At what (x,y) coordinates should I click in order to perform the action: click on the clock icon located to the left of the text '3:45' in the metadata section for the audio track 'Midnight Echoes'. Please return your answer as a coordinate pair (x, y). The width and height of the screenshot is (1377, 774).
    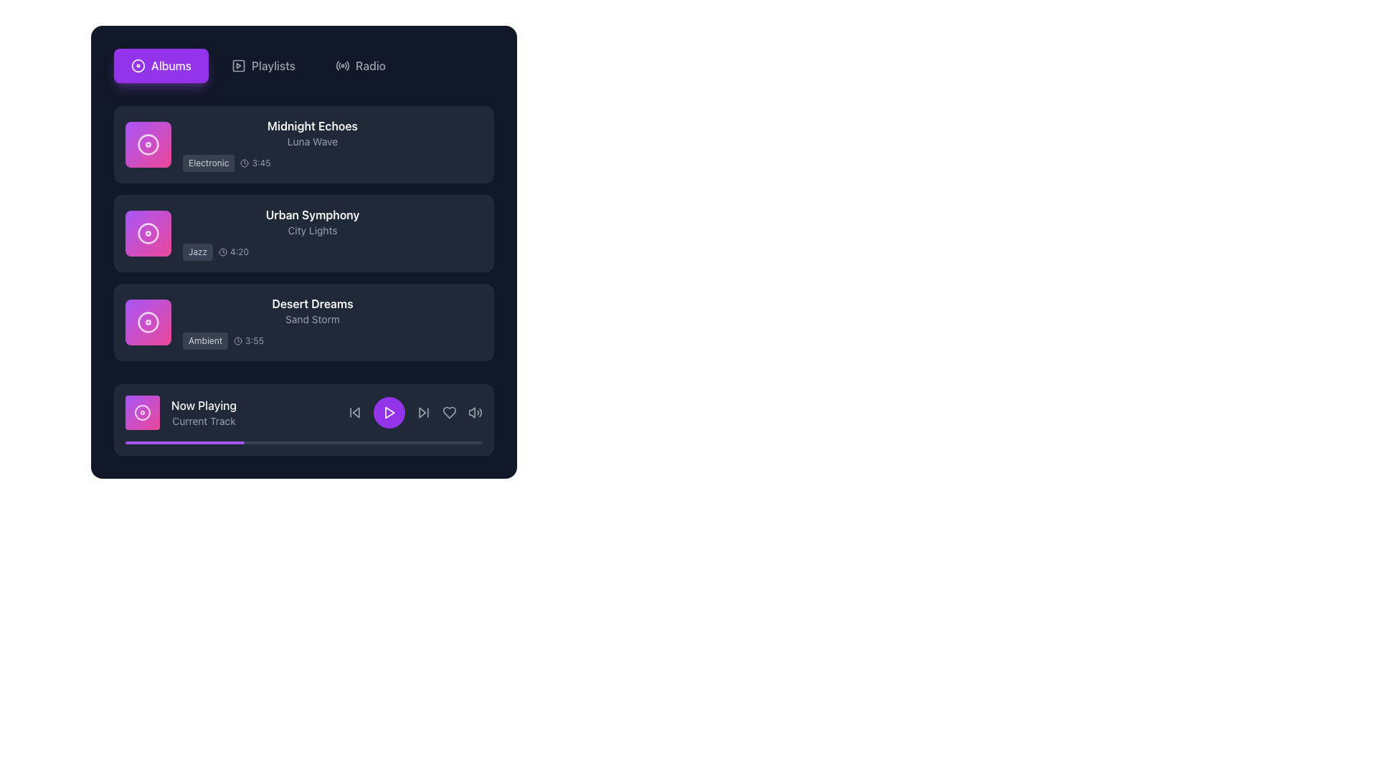
    Looking at the image, I should click on (245, 162).